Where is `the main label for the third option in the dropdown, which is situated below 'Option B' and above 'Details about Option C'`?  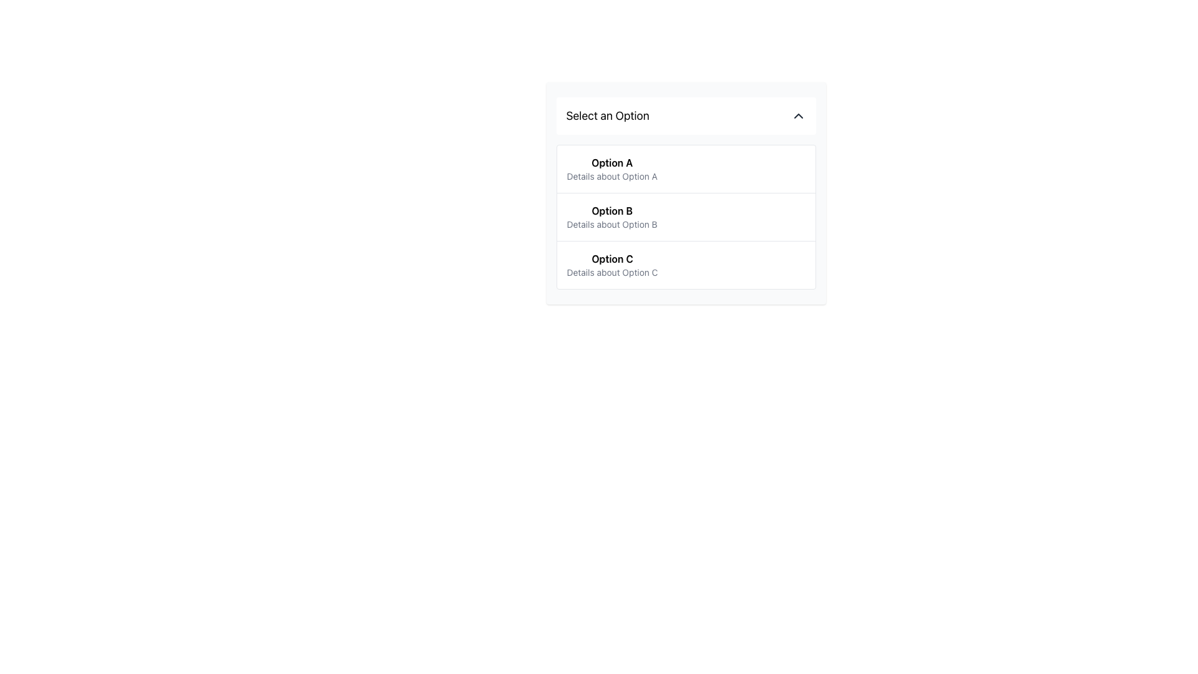
the main label for the third option in the dropdown, which is situated below 'Option B' and above 'Details about Option C' is located at coordinates (612, 258).